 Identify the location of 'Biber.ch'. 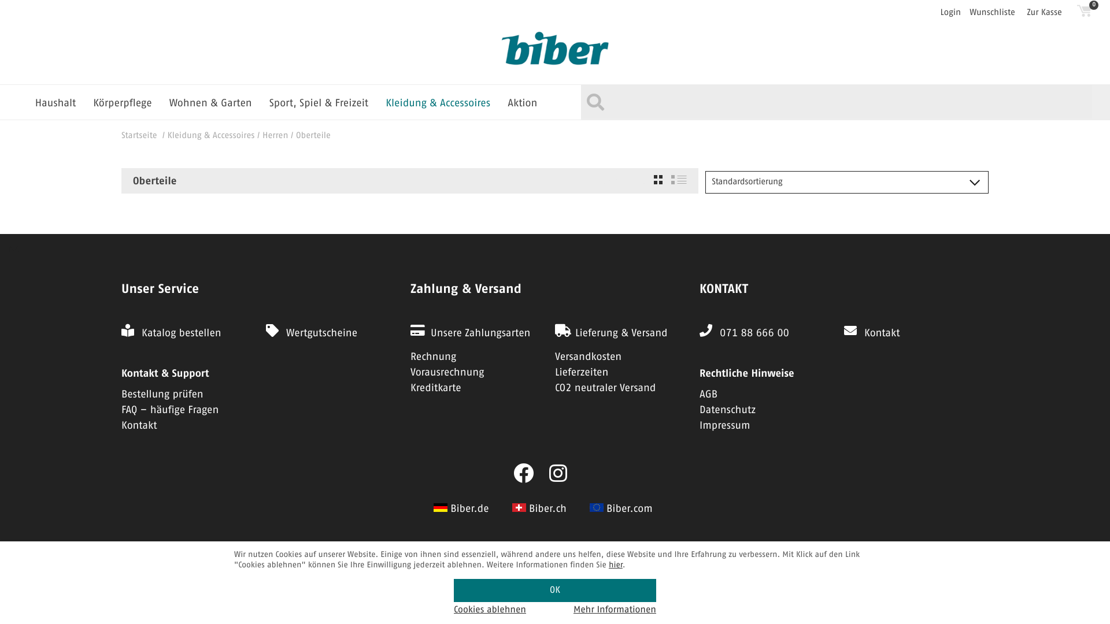
(547, 508).